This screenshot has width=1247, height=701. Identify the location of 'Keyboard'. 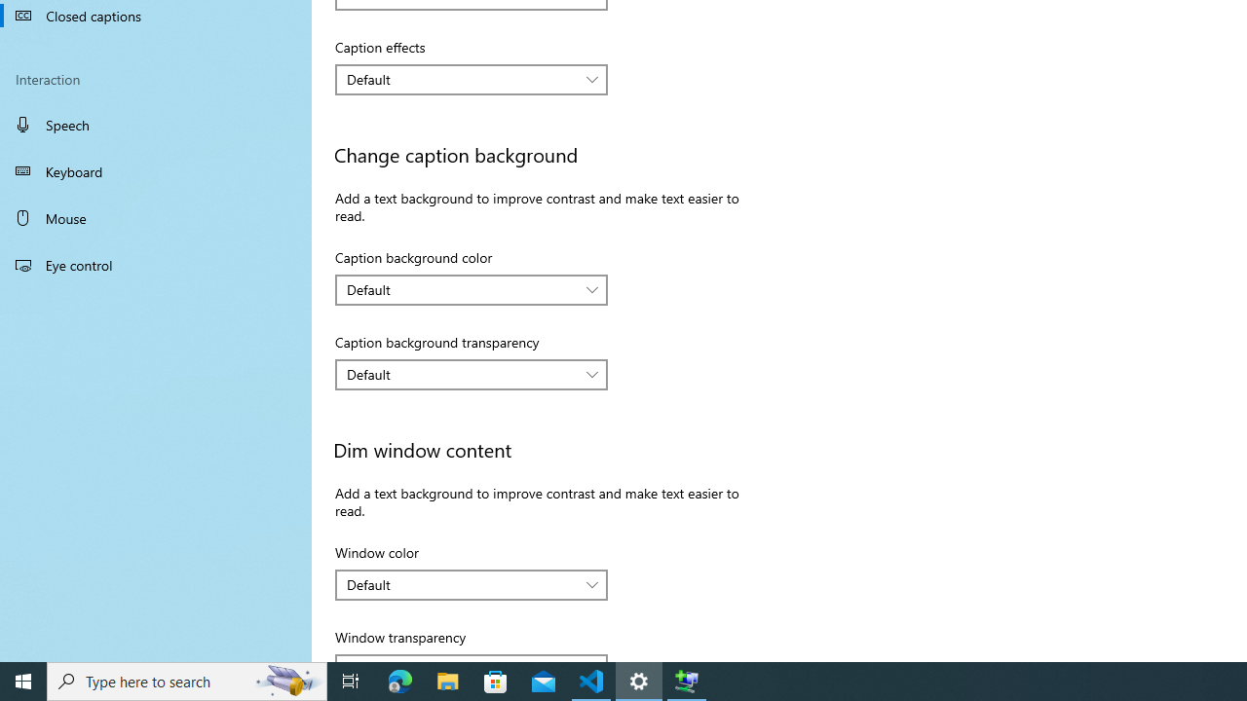
(156, 170).